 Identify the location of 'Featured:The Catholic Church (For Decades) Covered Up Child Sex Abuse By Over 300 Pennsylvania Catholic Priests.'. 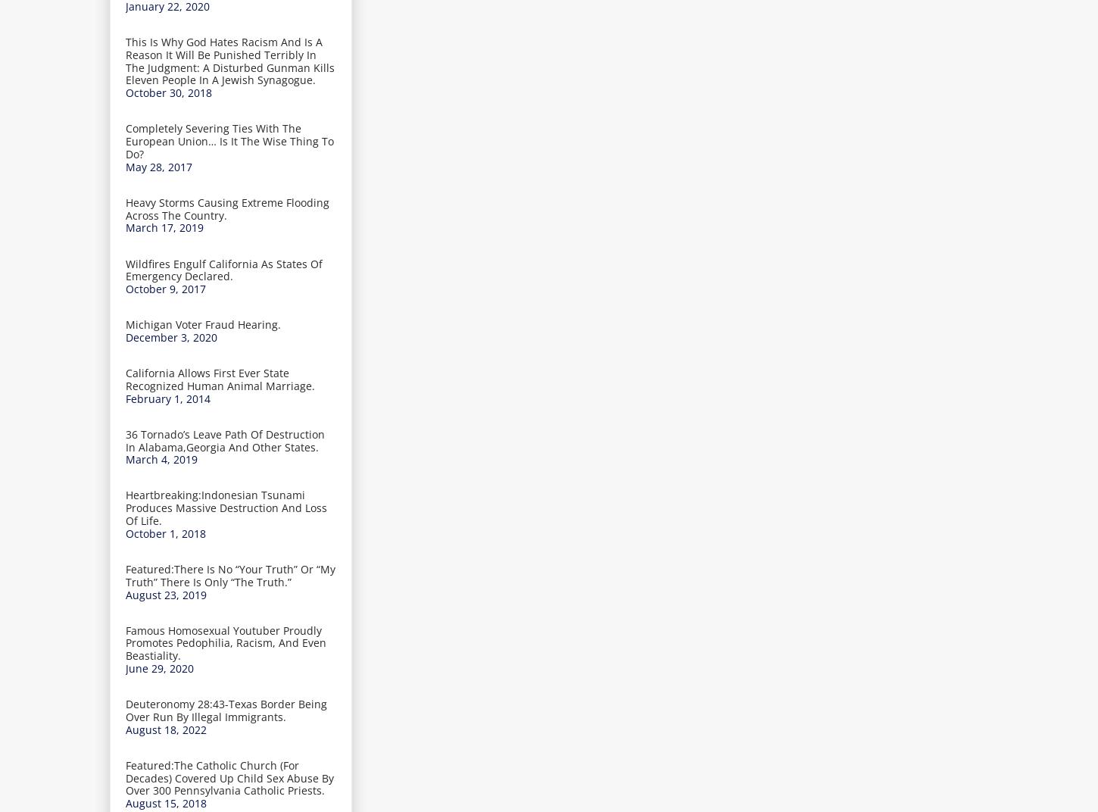
(229, 777).